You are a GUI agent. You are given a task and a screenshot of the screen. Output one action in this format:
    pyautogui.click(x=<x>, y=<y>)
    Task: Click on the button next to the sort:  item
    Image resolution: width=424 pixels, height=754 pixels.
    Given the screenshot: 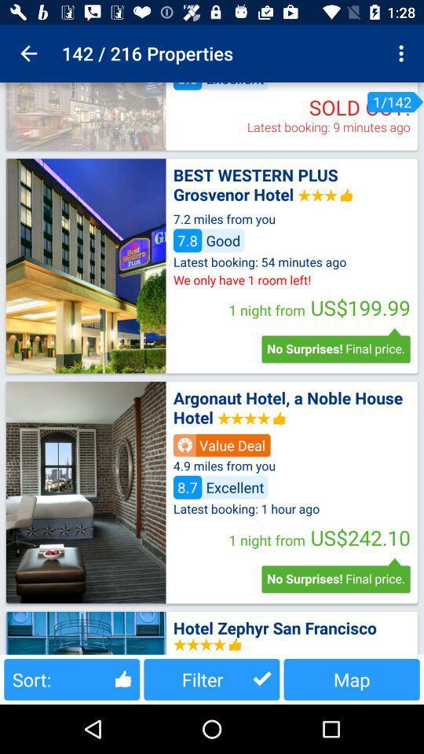 What is the action you would take?
    pyautogui.click(x=211, y=679)
    